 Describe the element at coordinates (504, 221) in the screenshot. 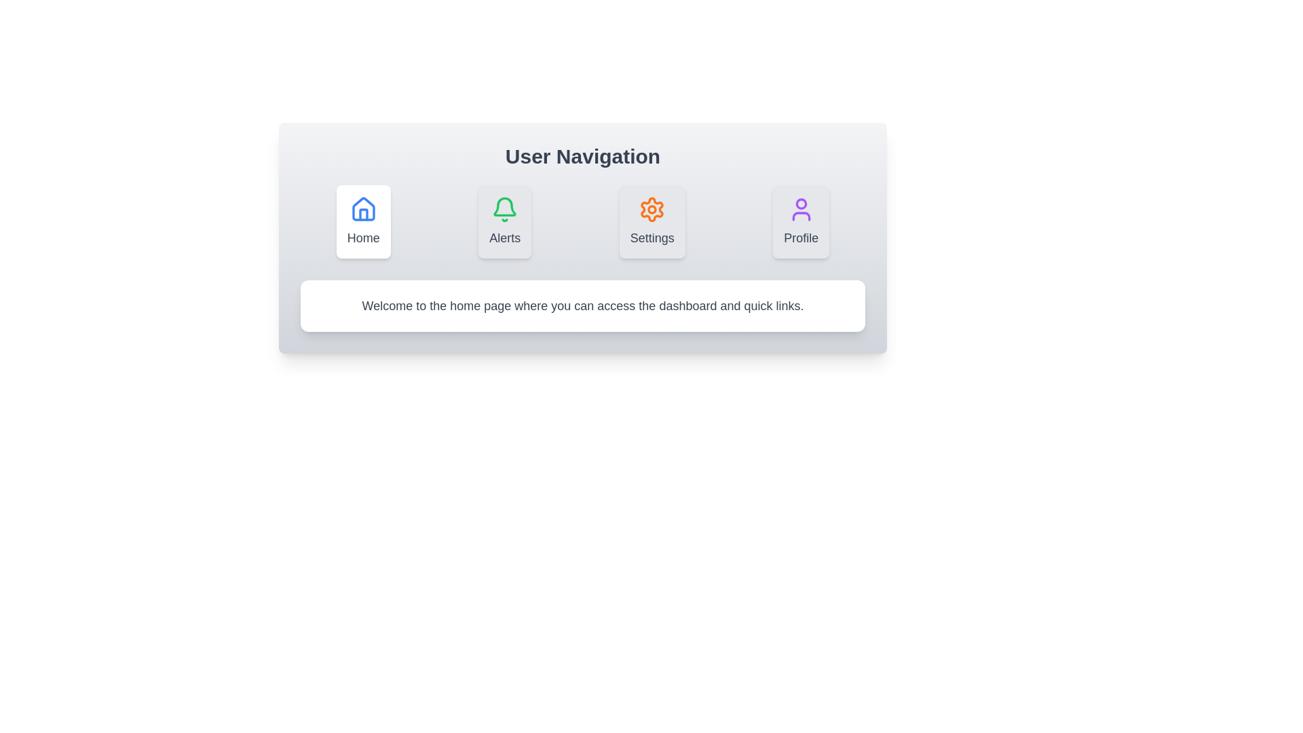

I see `the tab icon labeled Alerts to observe the visual feedback` at that location.